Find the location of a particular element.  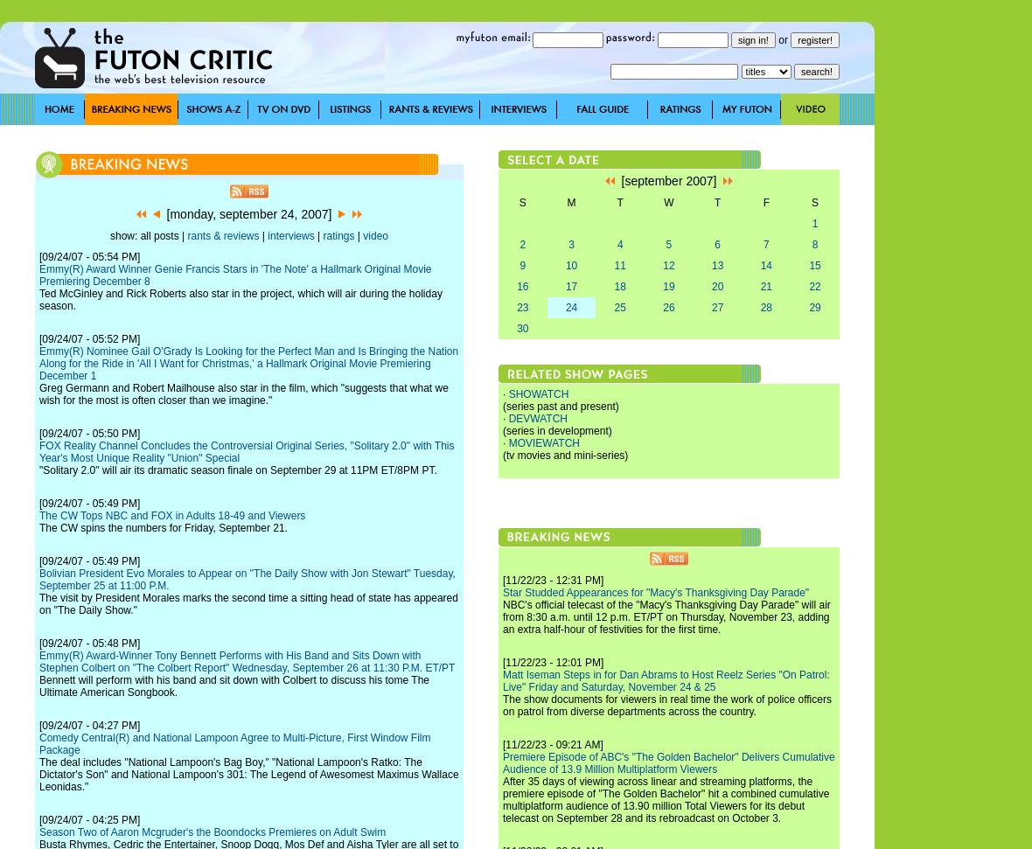

'25' is located at coordinates (618, 307).